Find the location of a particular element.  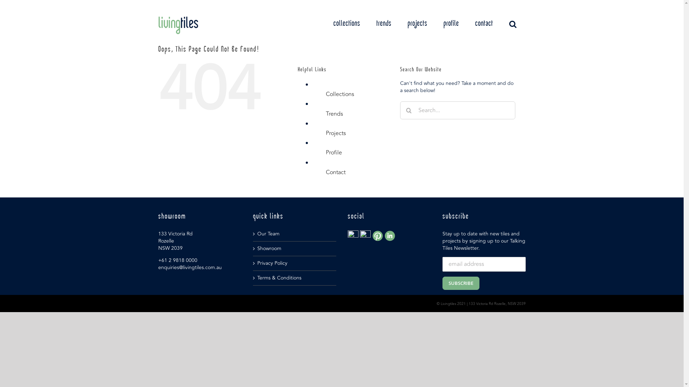

'trends' is located at coordinates (383, 23).